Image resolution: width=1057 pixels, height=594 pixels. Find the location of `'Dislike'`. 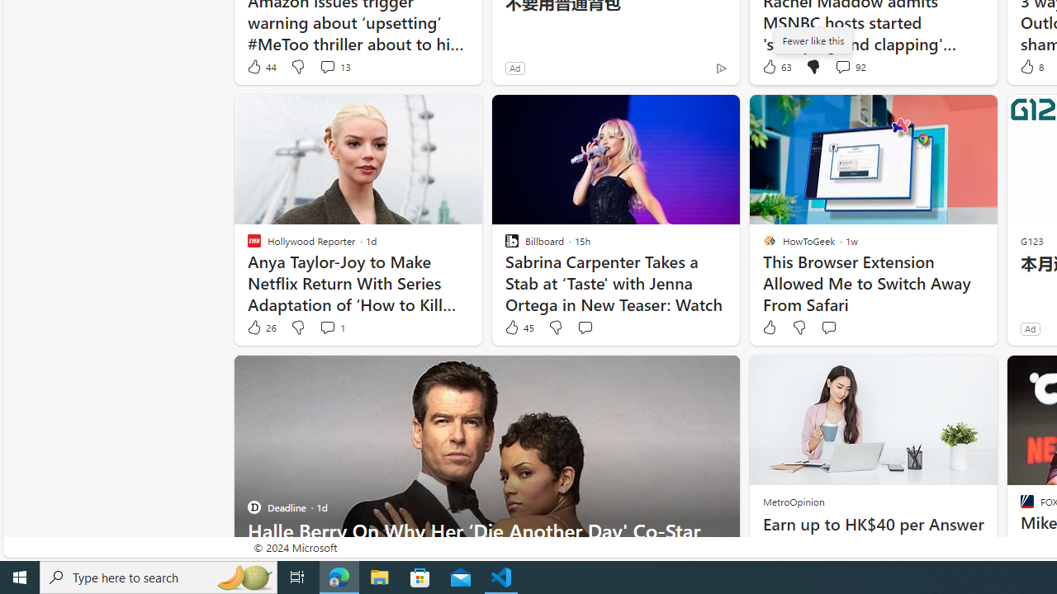

'Dislike' is located at coordinates (799, 328).